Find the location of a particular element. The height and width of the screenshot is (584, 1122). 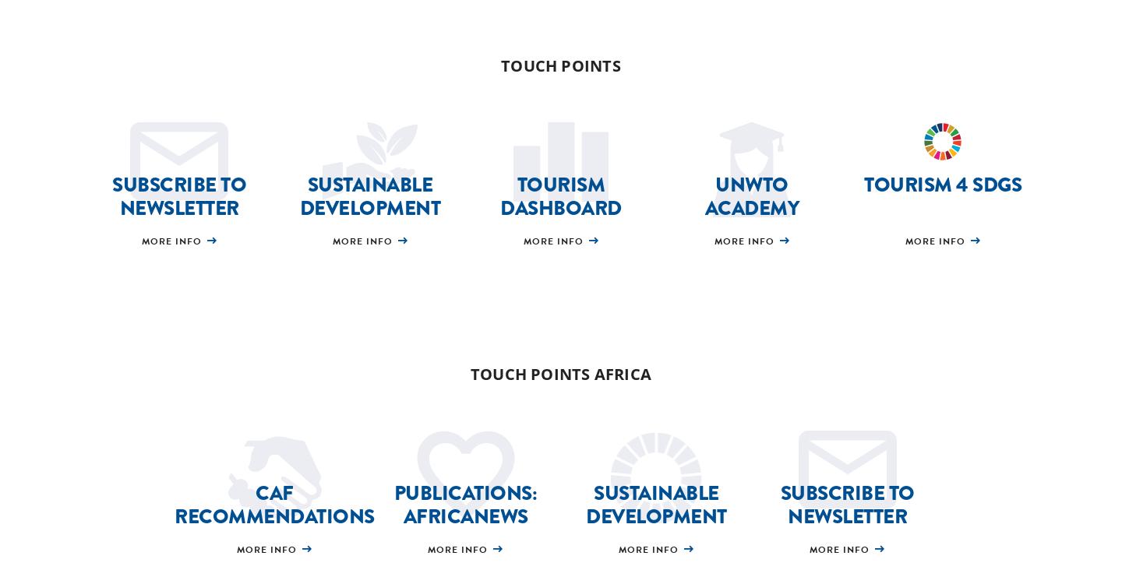

'CAF RECOMMENDATIONS' is located at coordinates (273, 504).